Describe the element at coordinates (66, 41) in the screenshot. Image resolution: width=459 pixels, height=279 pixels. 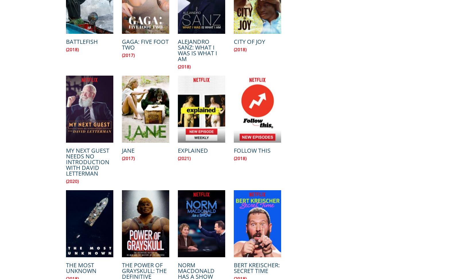
I see `'Battlefish'` at that location.